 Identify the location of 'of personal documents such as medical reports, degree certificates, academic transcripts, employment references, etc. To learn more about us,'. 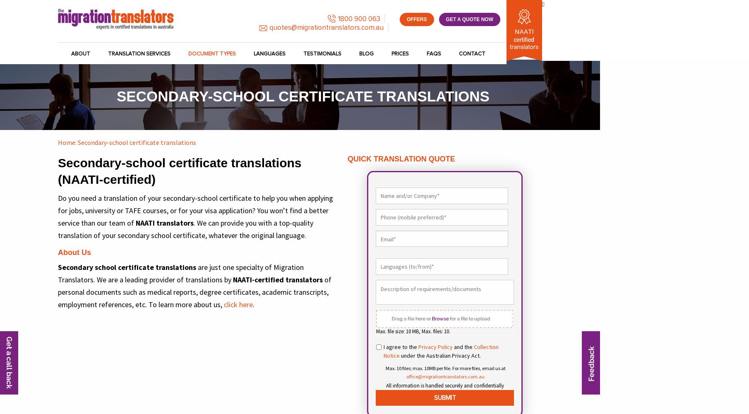
(194, 291).